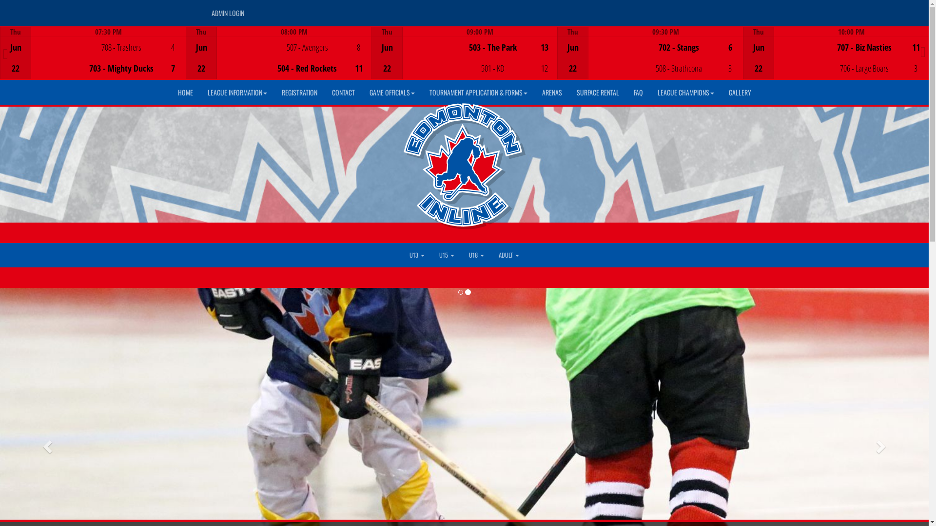 This screenshot has height=526, width=936. What do you see at coordinates (185, 92) in the screenshot?
I see `'HOME'` at bounding box center [185, 92].